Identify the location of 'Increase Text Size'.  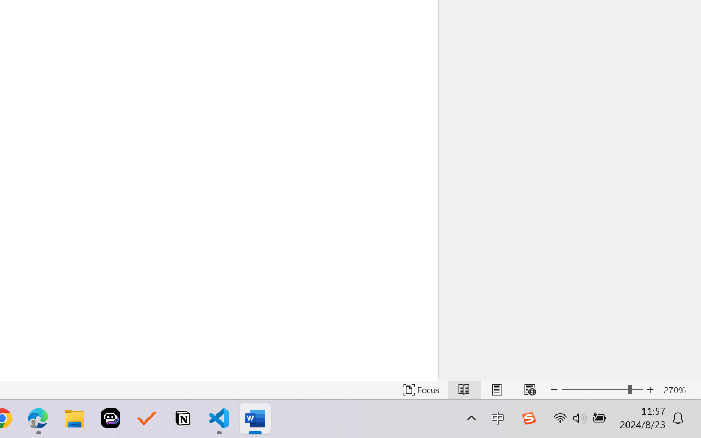
(650, 389).